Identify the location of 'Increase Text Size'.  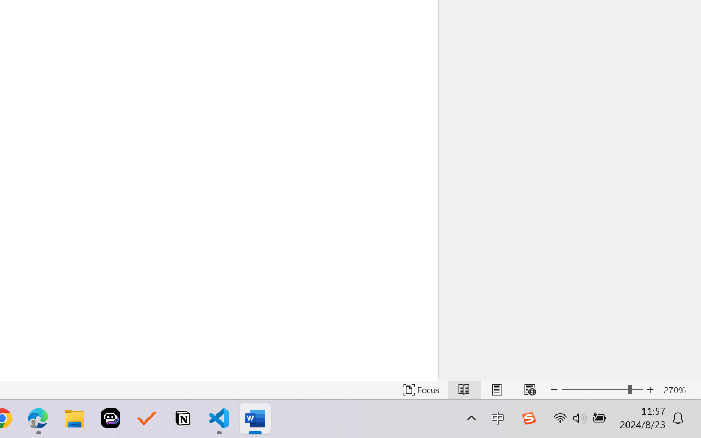
(650, 389).